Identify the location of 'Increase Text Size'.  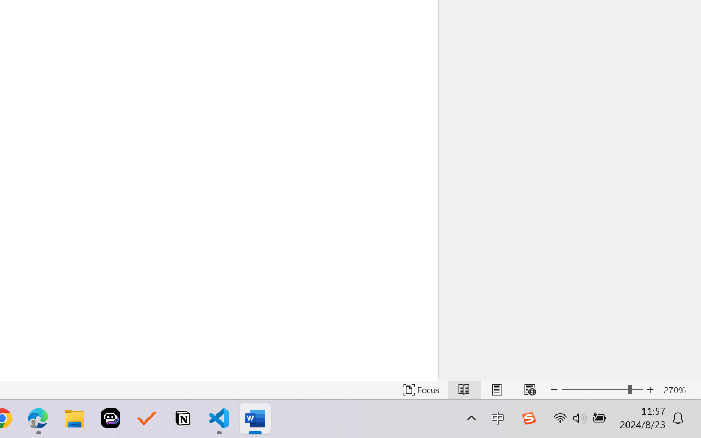
(650, 389).